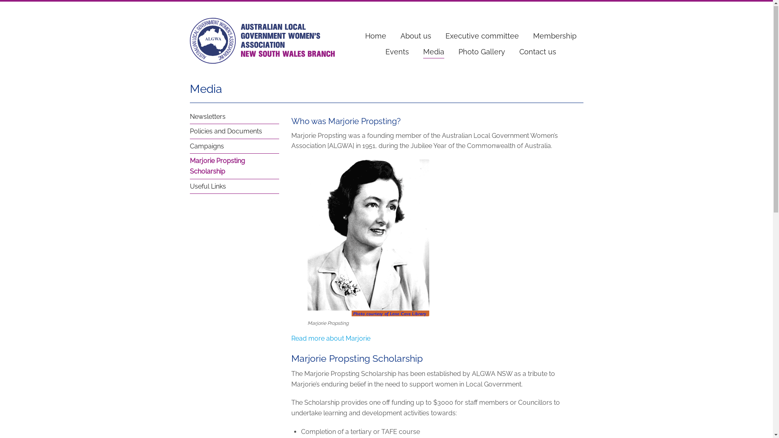 The width and height of the screenshot is (779, 438). Describe the element at coordinates (375, 36) in the screenshot. I see `'Home'` at that location.